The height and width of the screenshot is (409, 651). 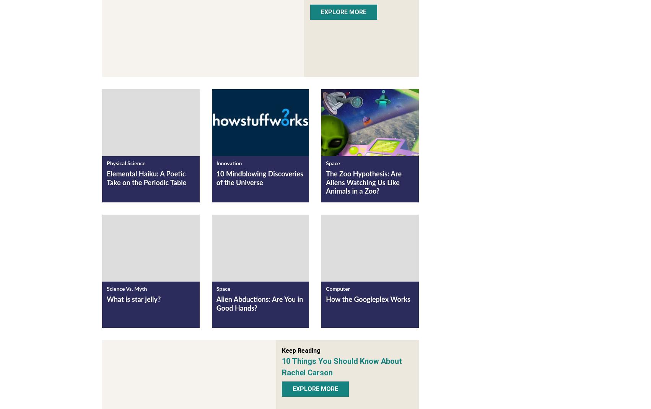 What do you see at coordinates (216, 165) in the screenshot?
I see `'Innovation'` at bounding box center [216, 165].